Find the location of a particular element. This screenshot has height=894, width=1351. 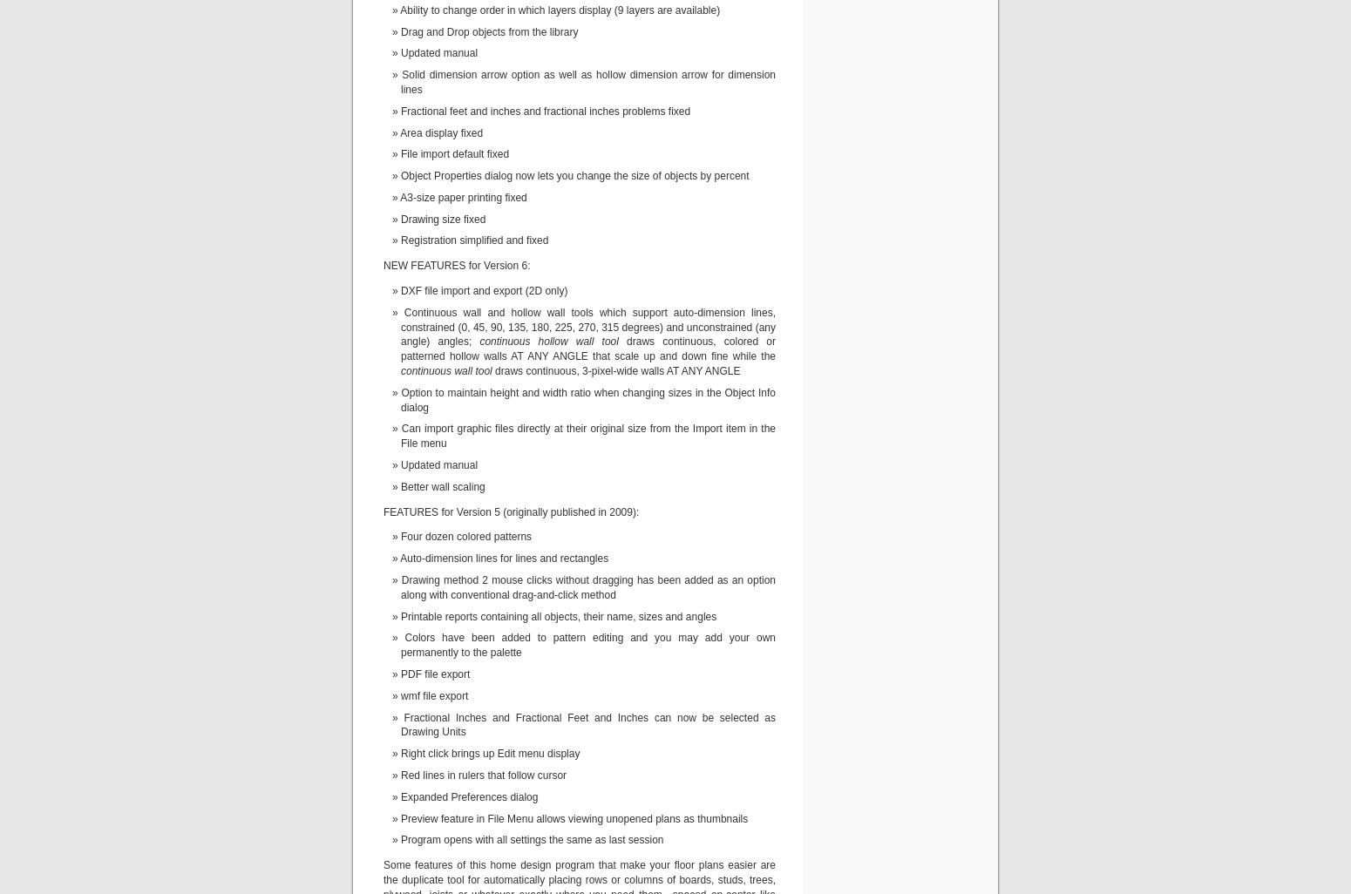

'NEW FEATURES for Version 6:' is located at coordinates (456, 265).